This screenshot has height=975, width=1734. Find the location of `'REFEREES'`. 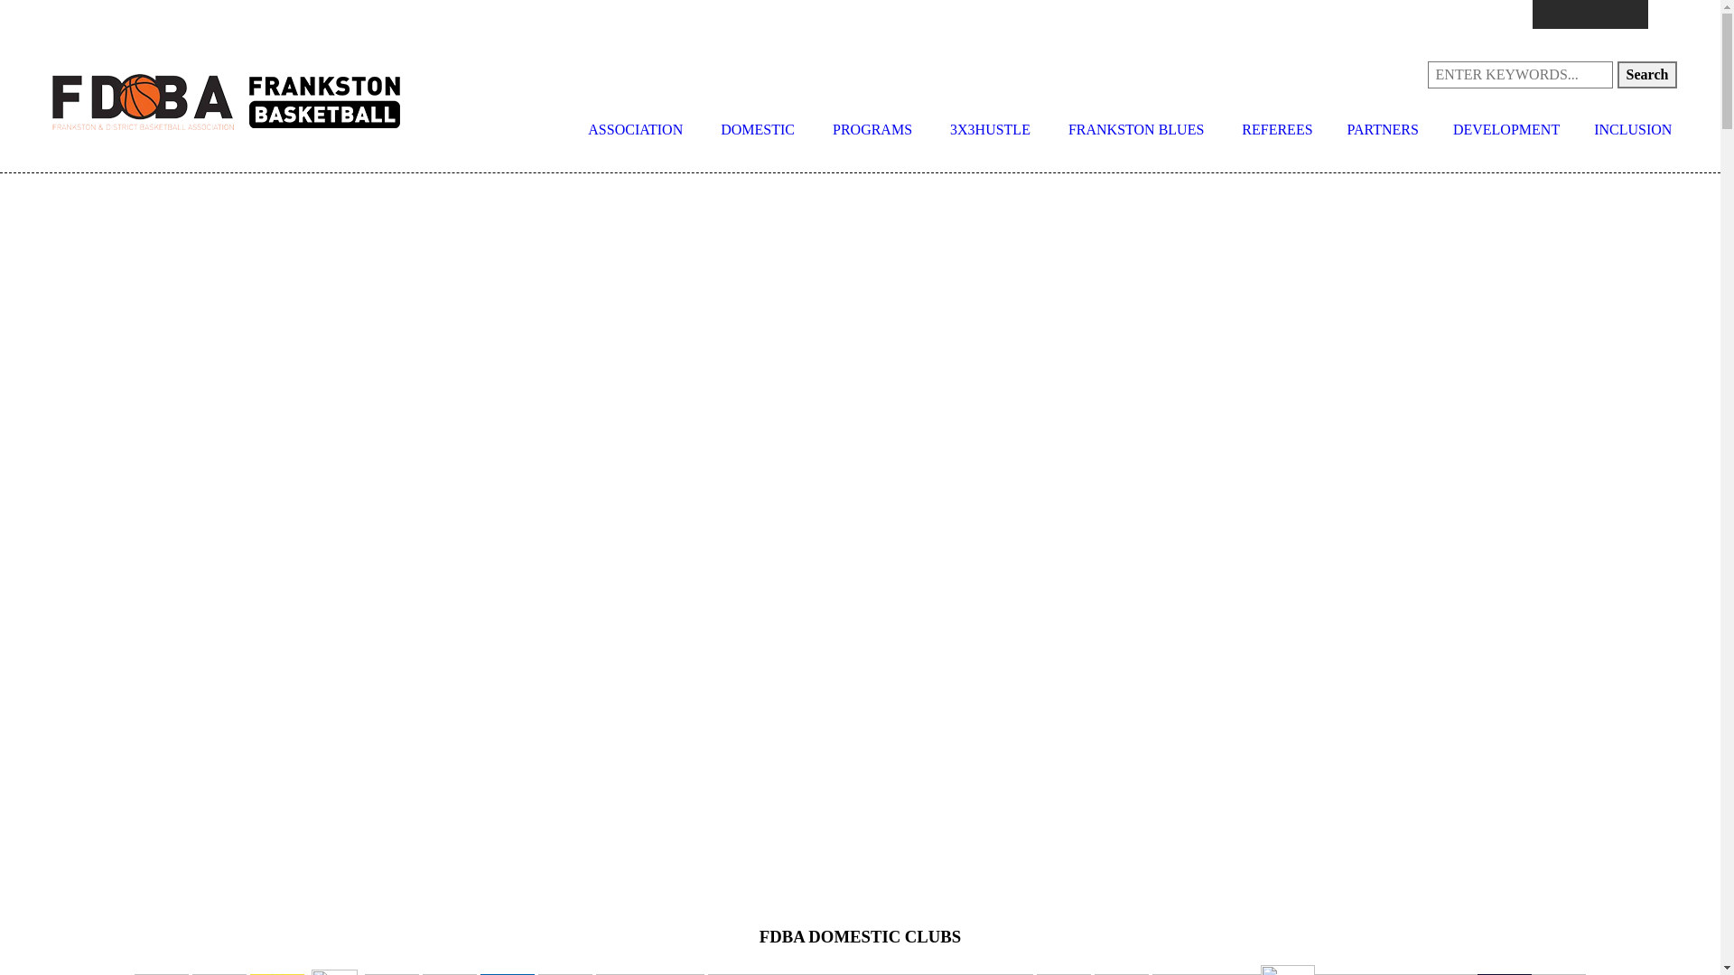

'REFEREES' is located at coordinates (1276, 128).